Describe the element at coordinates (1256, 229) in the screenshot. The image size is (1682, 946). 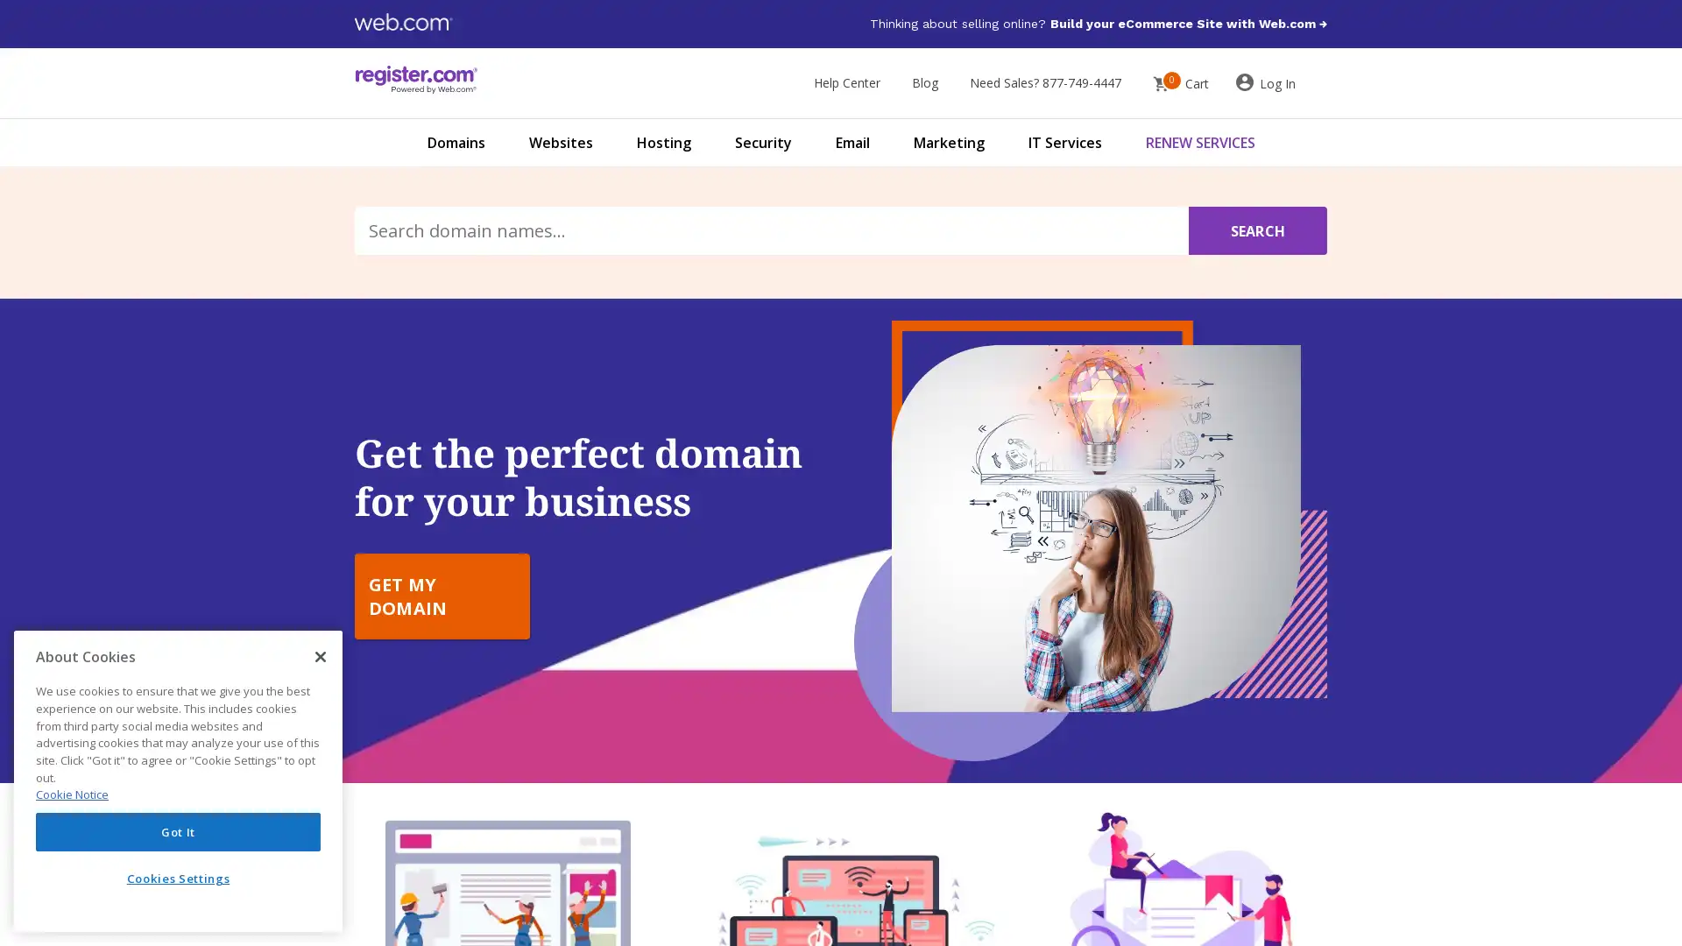
I see `SEARCH` at that location.